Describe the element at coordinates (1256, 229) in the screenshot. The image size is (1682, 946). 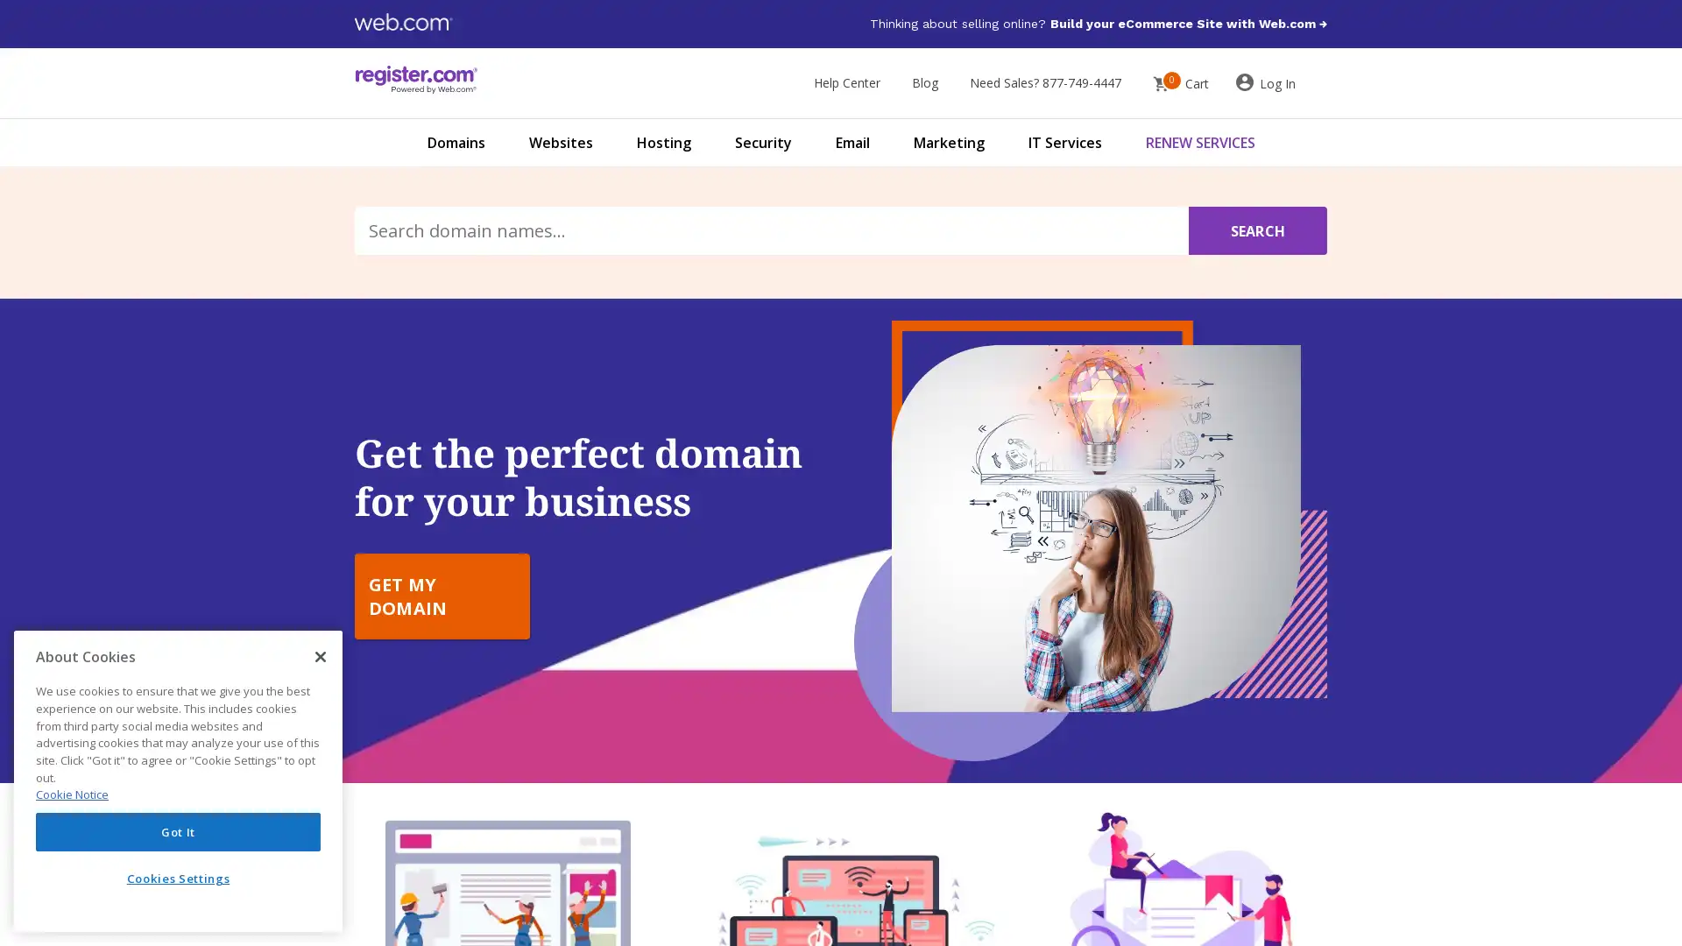
I see `SEARCH` at that location.